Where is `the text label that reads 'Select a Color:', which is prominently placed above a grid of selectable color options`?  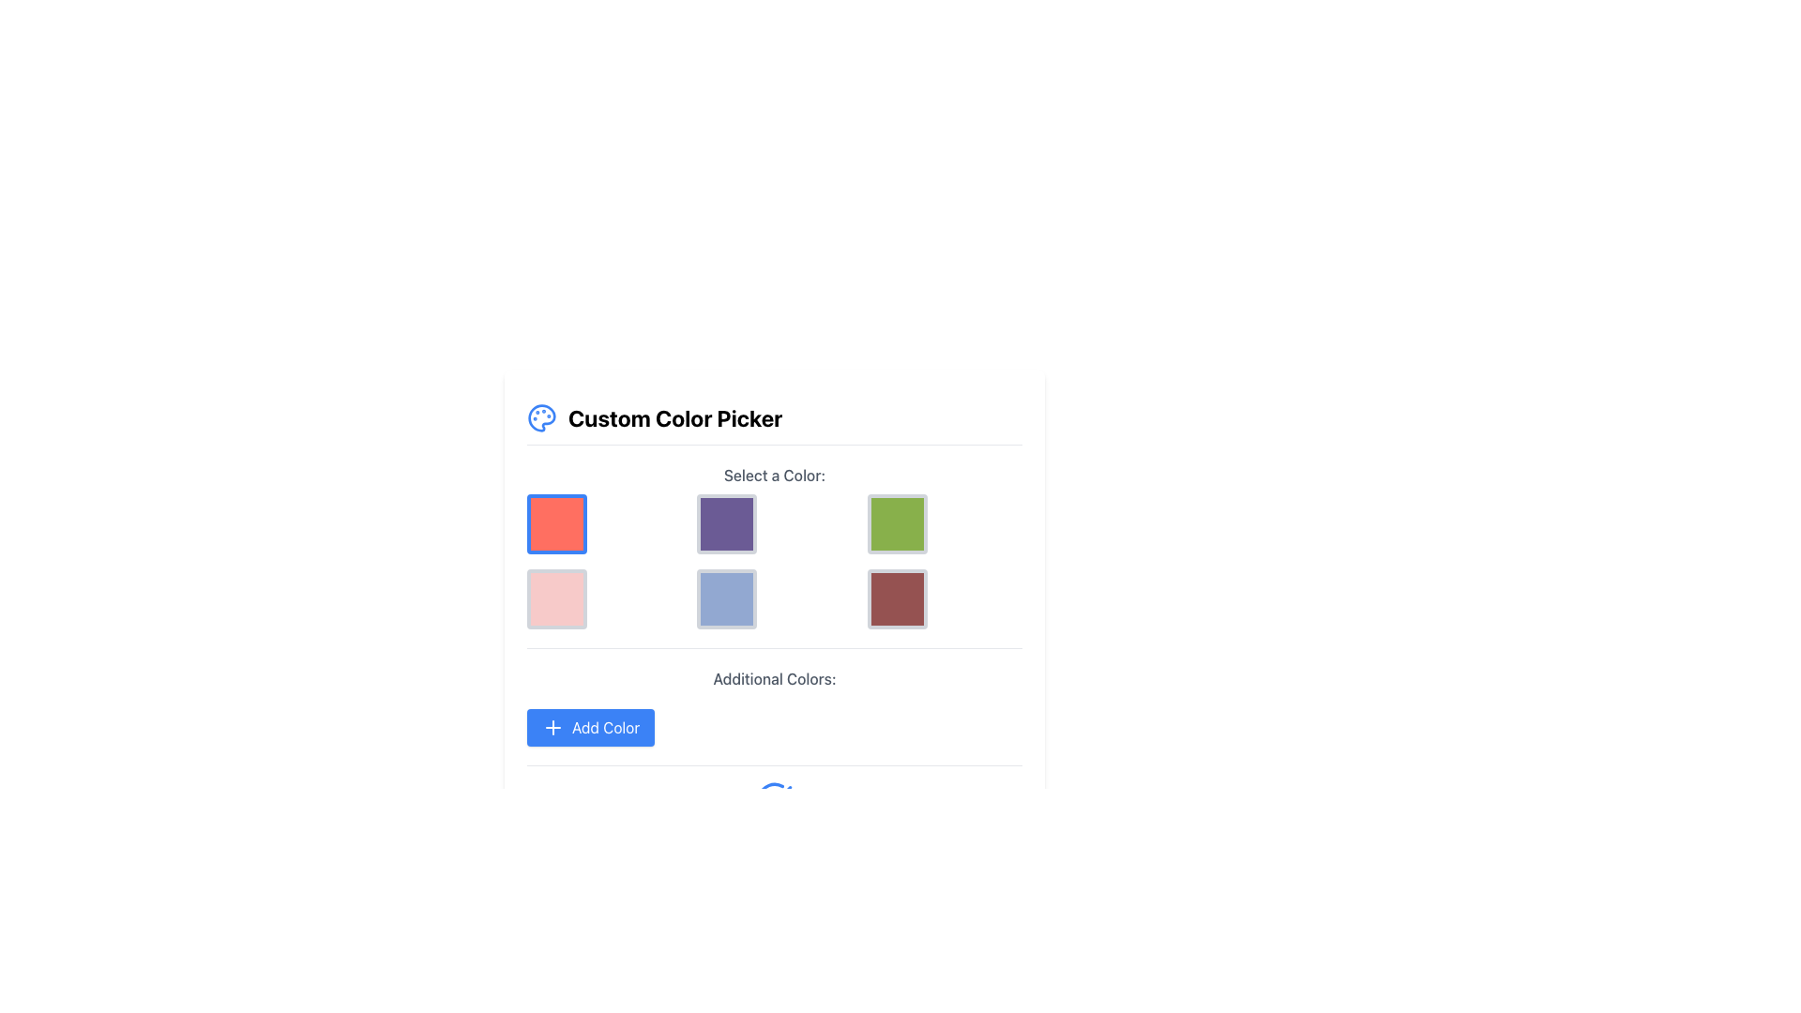
the text label that reads 'Select a Color:', which is prominently placed above a grid of selectable color options is located at coordinates (774, 474).